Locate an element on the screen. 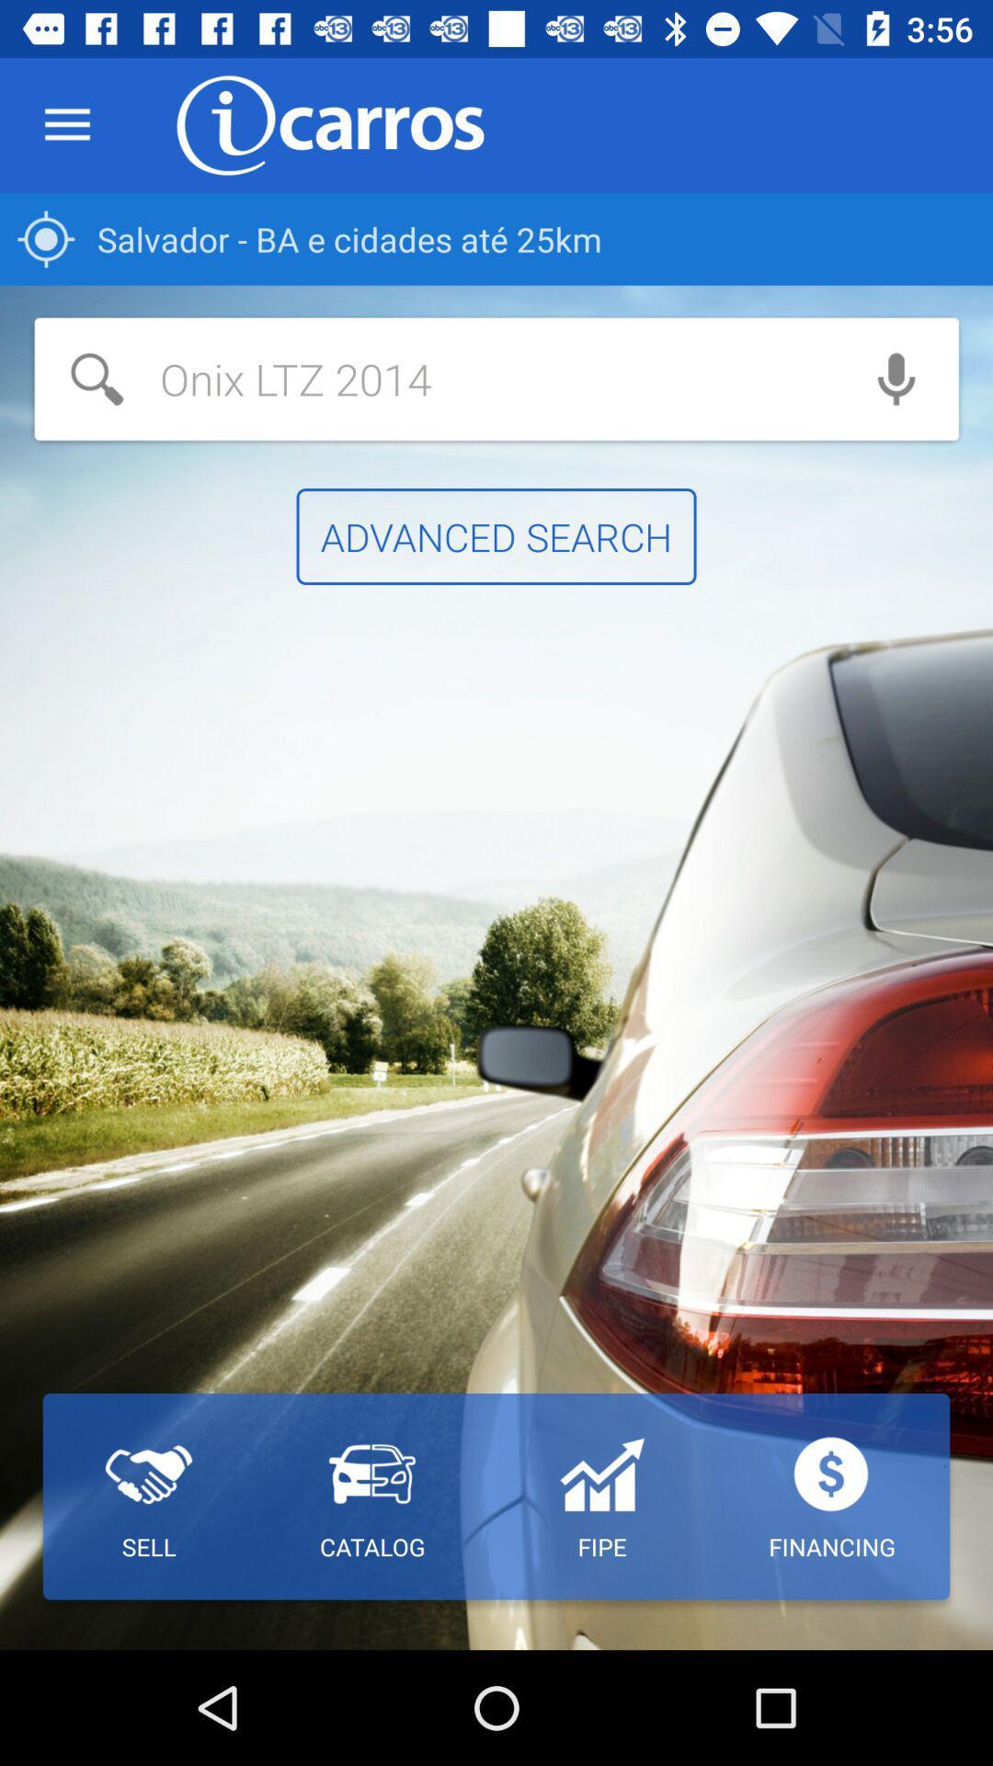  the item next to catalog icon is located at coordinates (601, 1497).